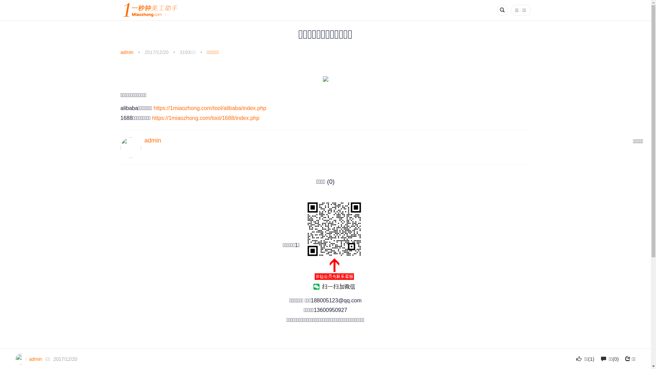 This screenshot has width=656, height=369. What do you see at coordinates (29, 358) in the screenshot?
I see `'admin'` at bounding box center [29, 358].